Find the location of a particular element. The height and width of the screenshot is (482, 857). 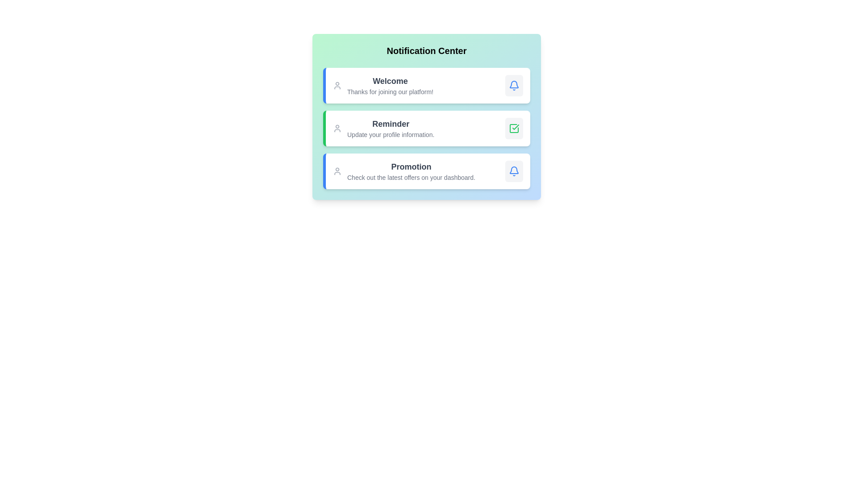

the user avatar icon associated with Promotion notification is located at coordinates (337, 171).